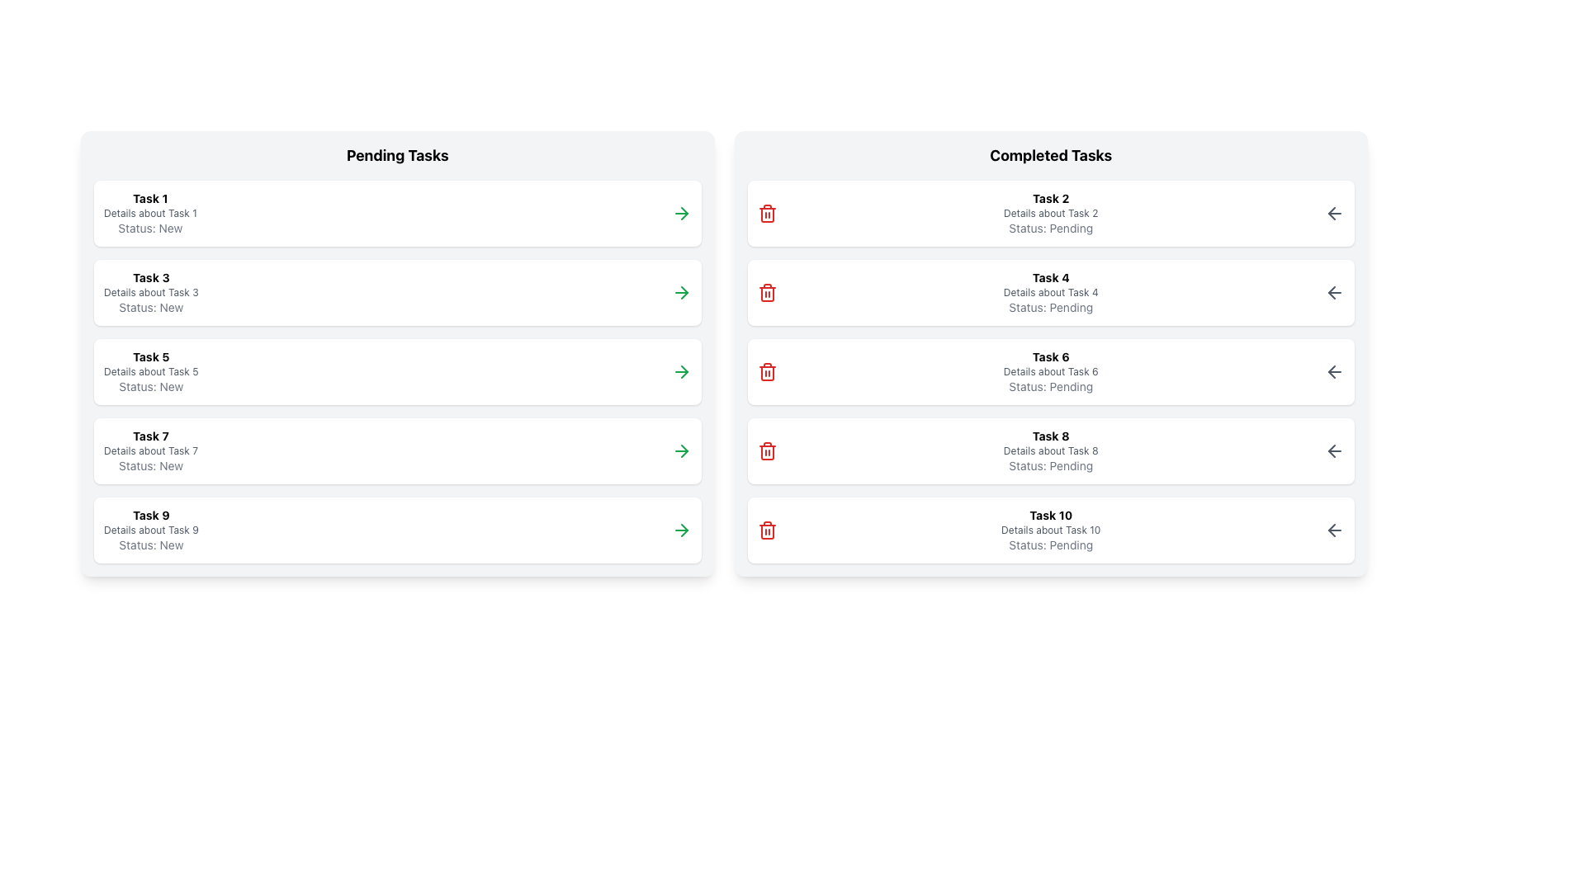  What do you see at coordinates (397, 291) in the screenshot?
I see `the second task card in the 'Pending Tasks' section` at bounding box center [397, 291].